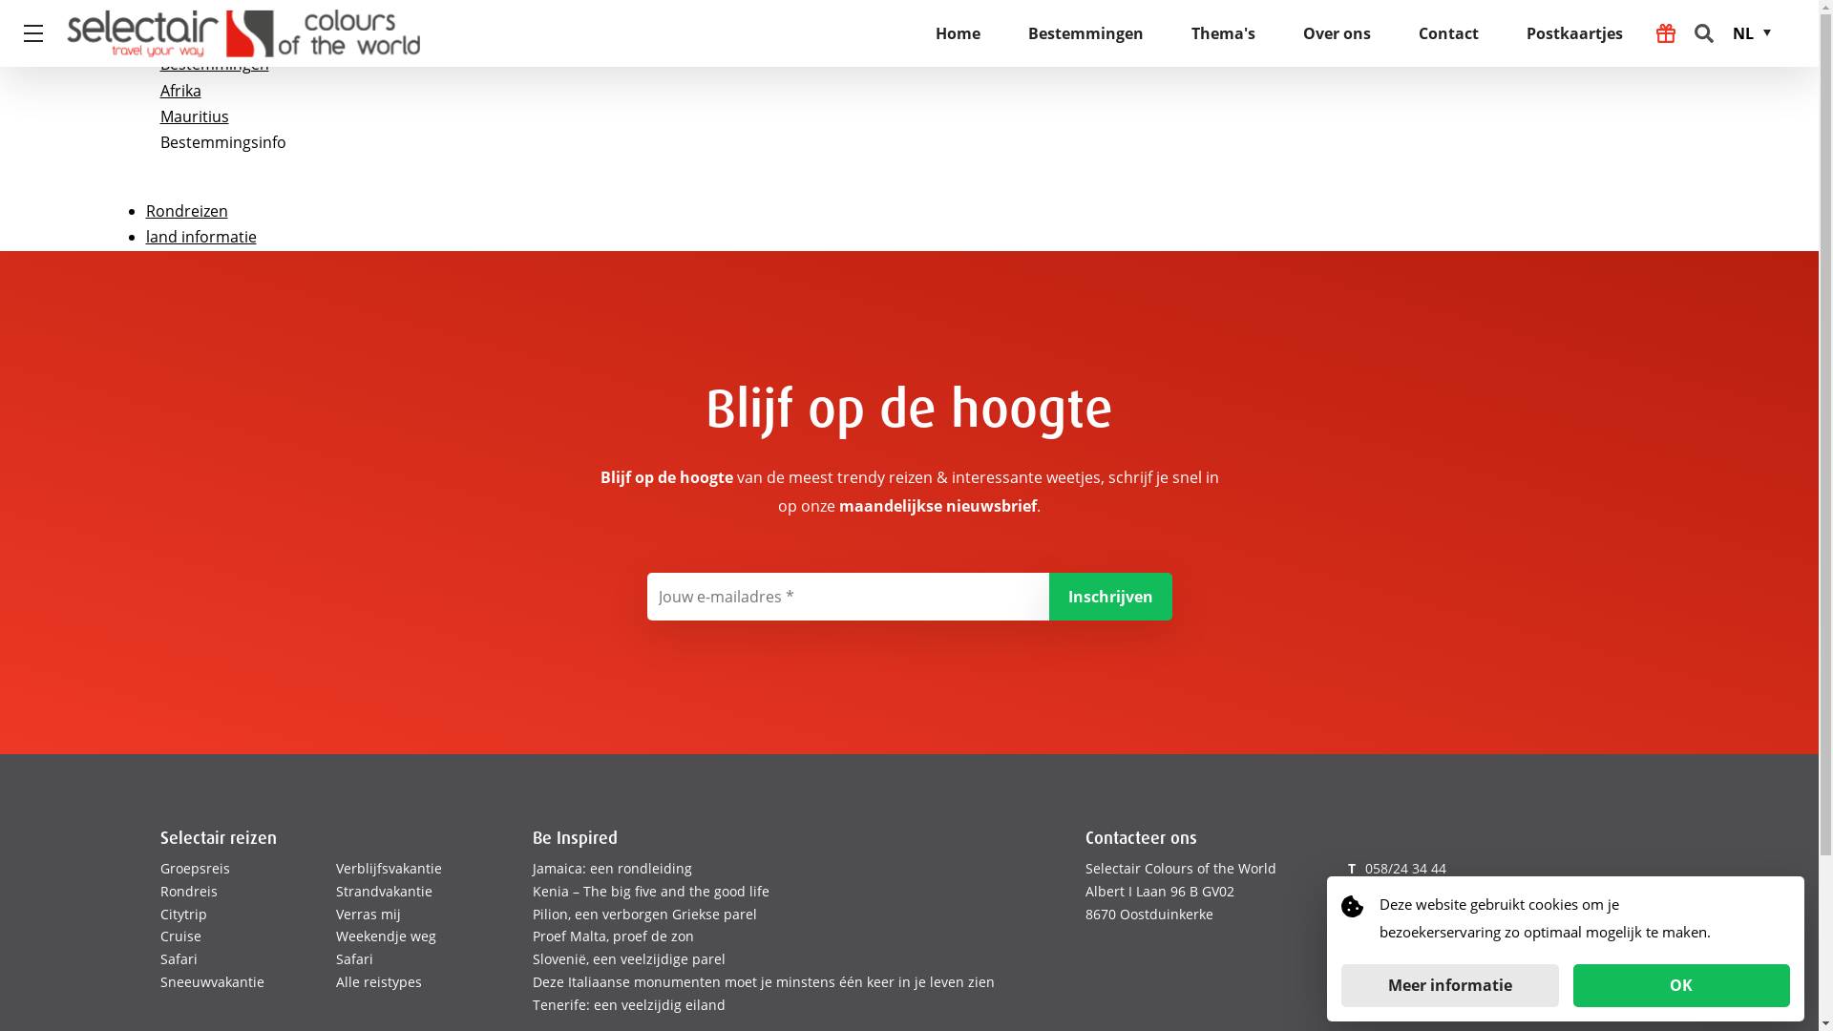 Image resolution: width=1833 pixels, height=1031 pixels. What do you see at coordinates (532, 868) in the screenshot?
I see `'Jamaica: een rondleiding'` at bounding box center [532, 868].